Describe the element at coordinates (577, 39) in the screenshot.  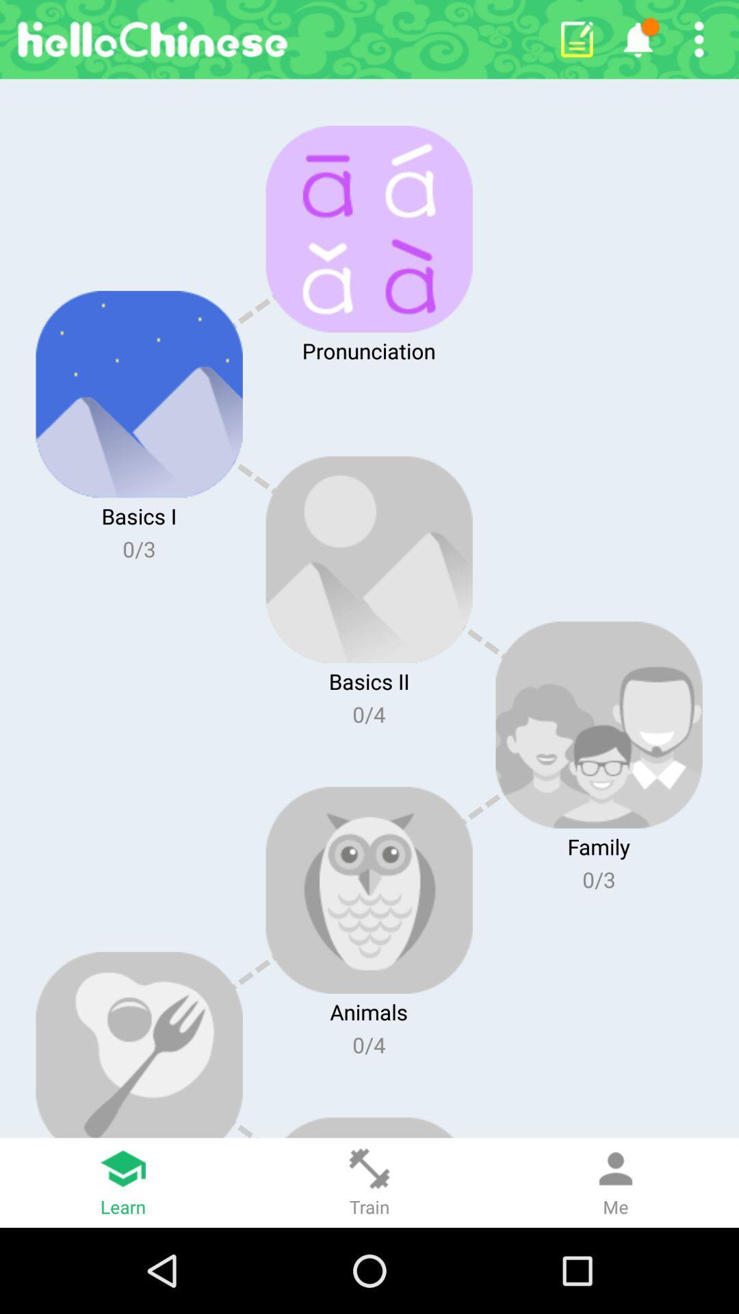
I see `open notepad` at that location.